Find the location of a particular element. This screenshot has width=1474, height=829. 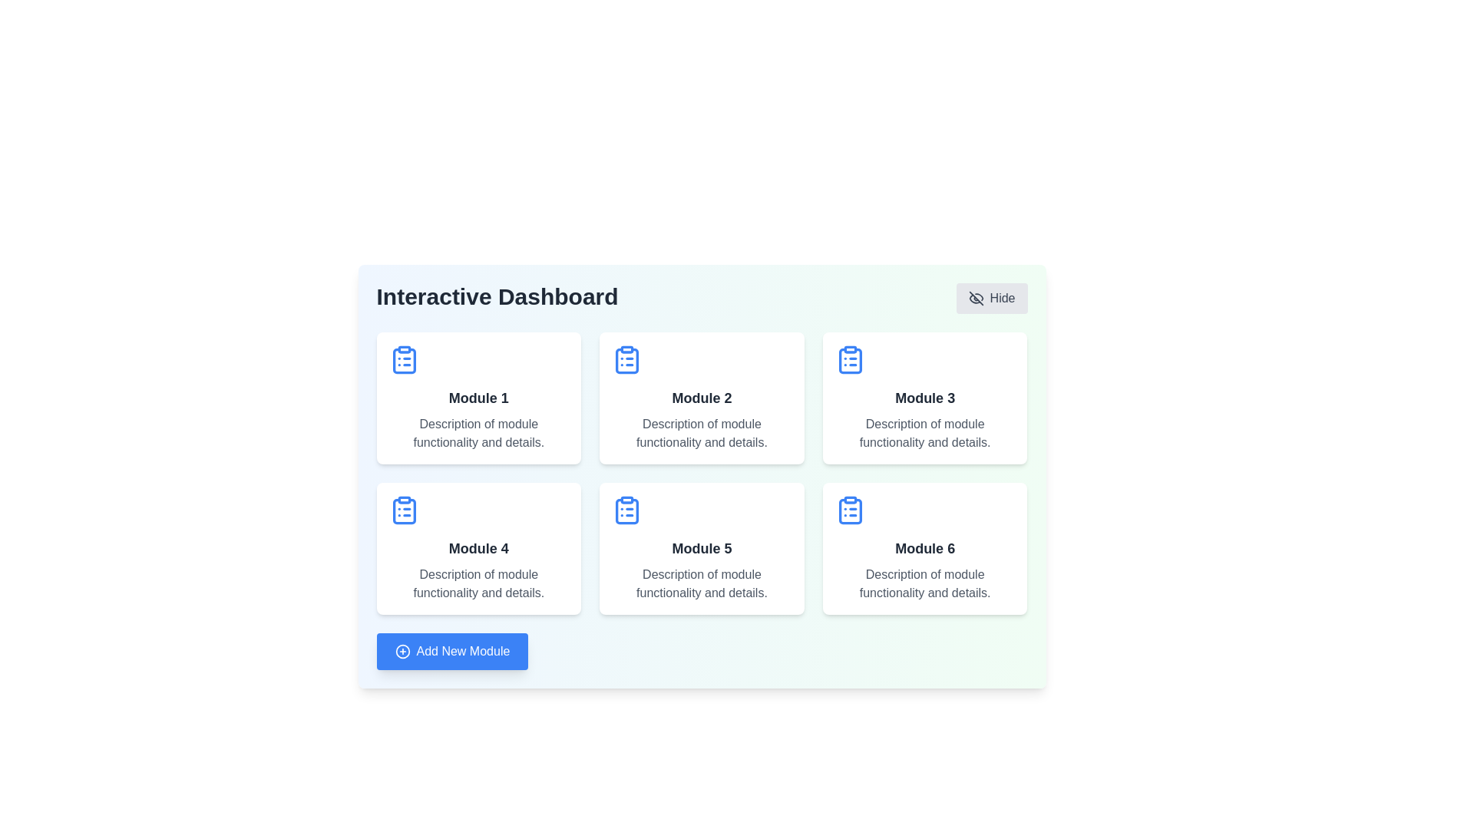

text label that describes the functionality and details of the module inside 'Module 5', located in the second row, third column of the interactive dashboard layout is located at coordinates (701, 583).